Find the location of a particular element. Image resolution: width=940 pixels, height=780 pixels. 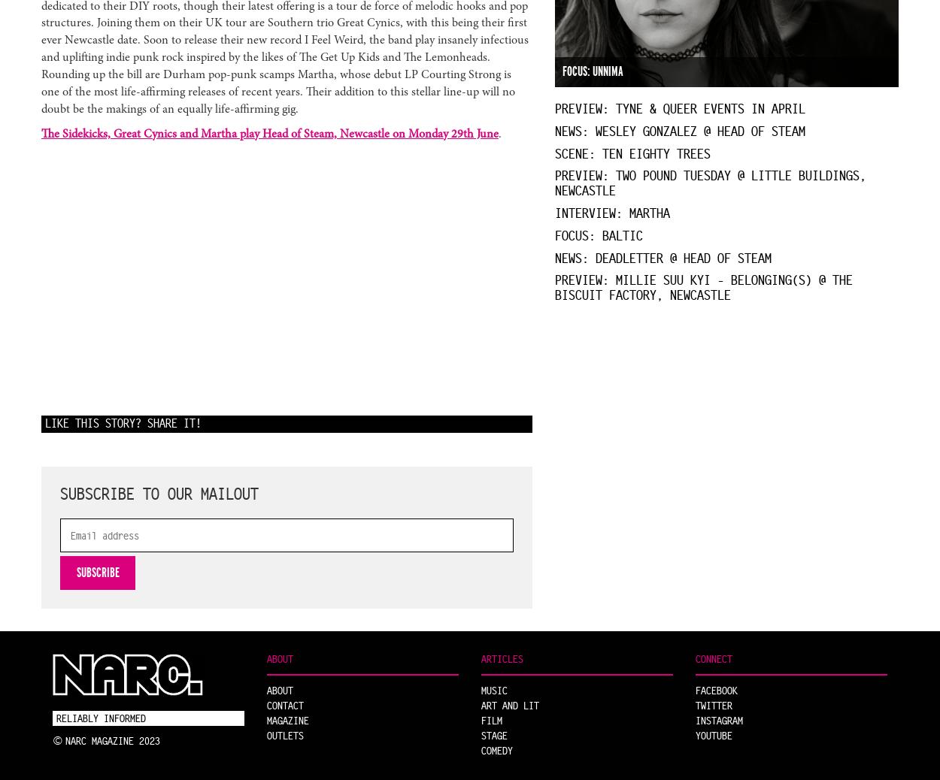

'Articles' is located at coordinates (502, 659).